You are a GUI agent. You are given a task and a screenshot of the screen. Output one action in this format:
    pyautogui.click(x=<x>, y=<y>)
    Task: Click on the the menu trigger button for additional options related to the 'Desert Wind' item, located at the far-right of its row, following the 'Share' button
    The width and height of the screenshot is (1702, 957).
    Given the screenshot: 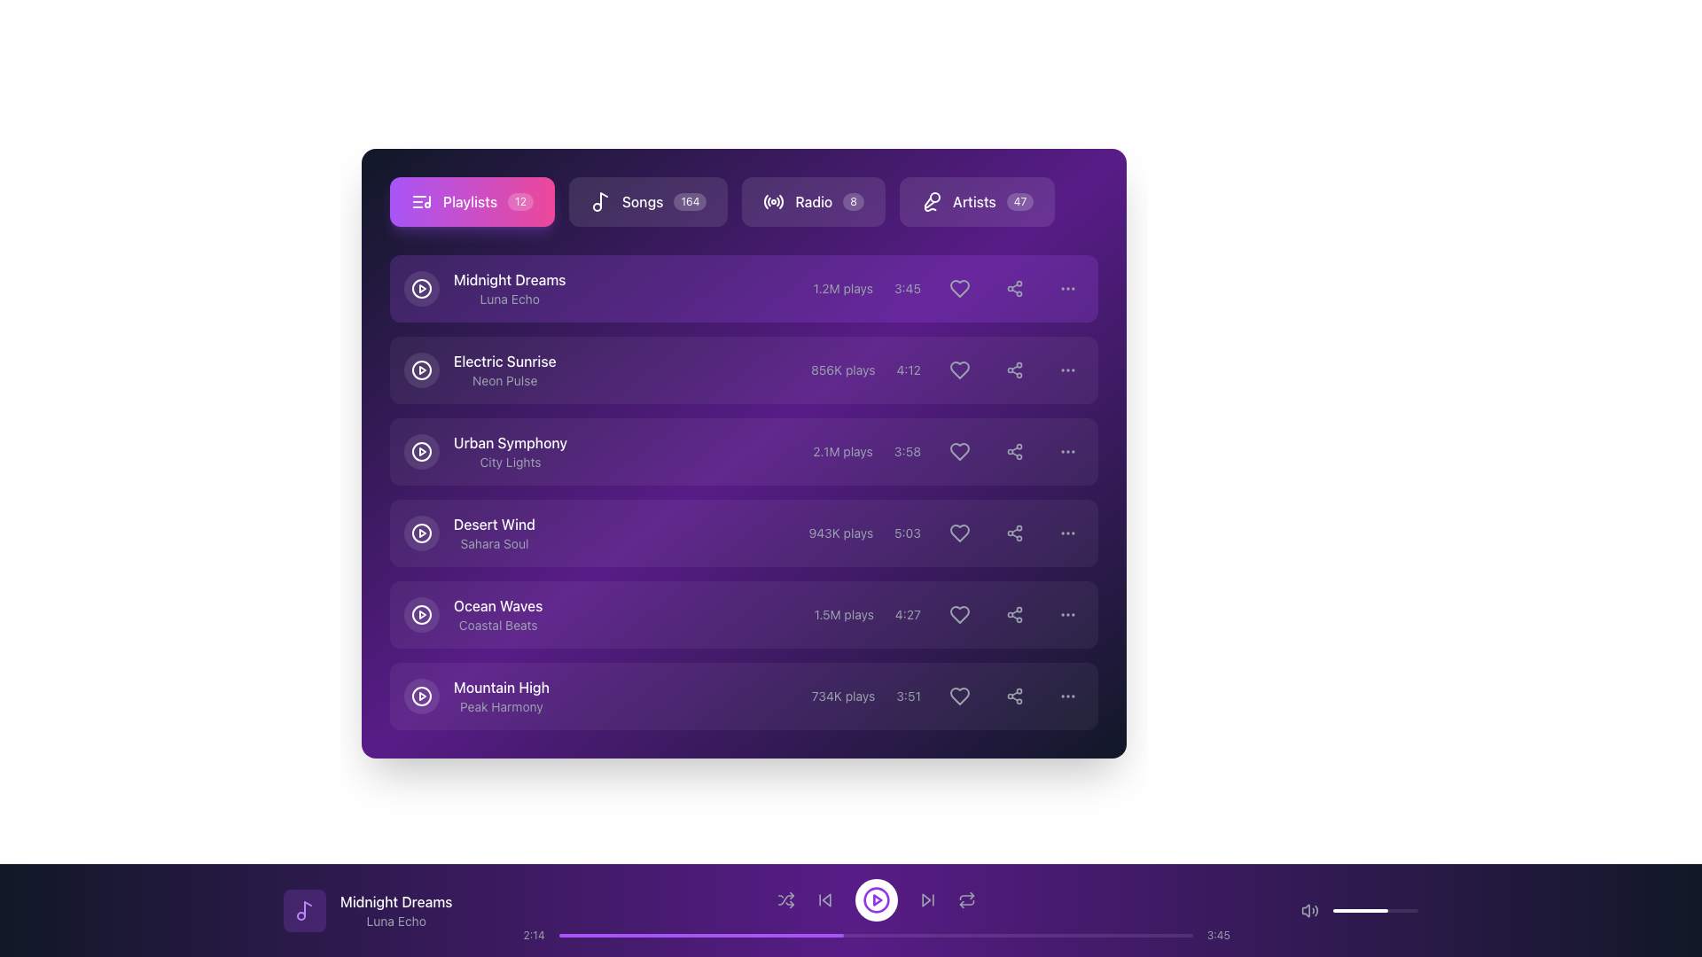 What is the action you would take?
    pyautogui.click(x=1066, y=532)
    